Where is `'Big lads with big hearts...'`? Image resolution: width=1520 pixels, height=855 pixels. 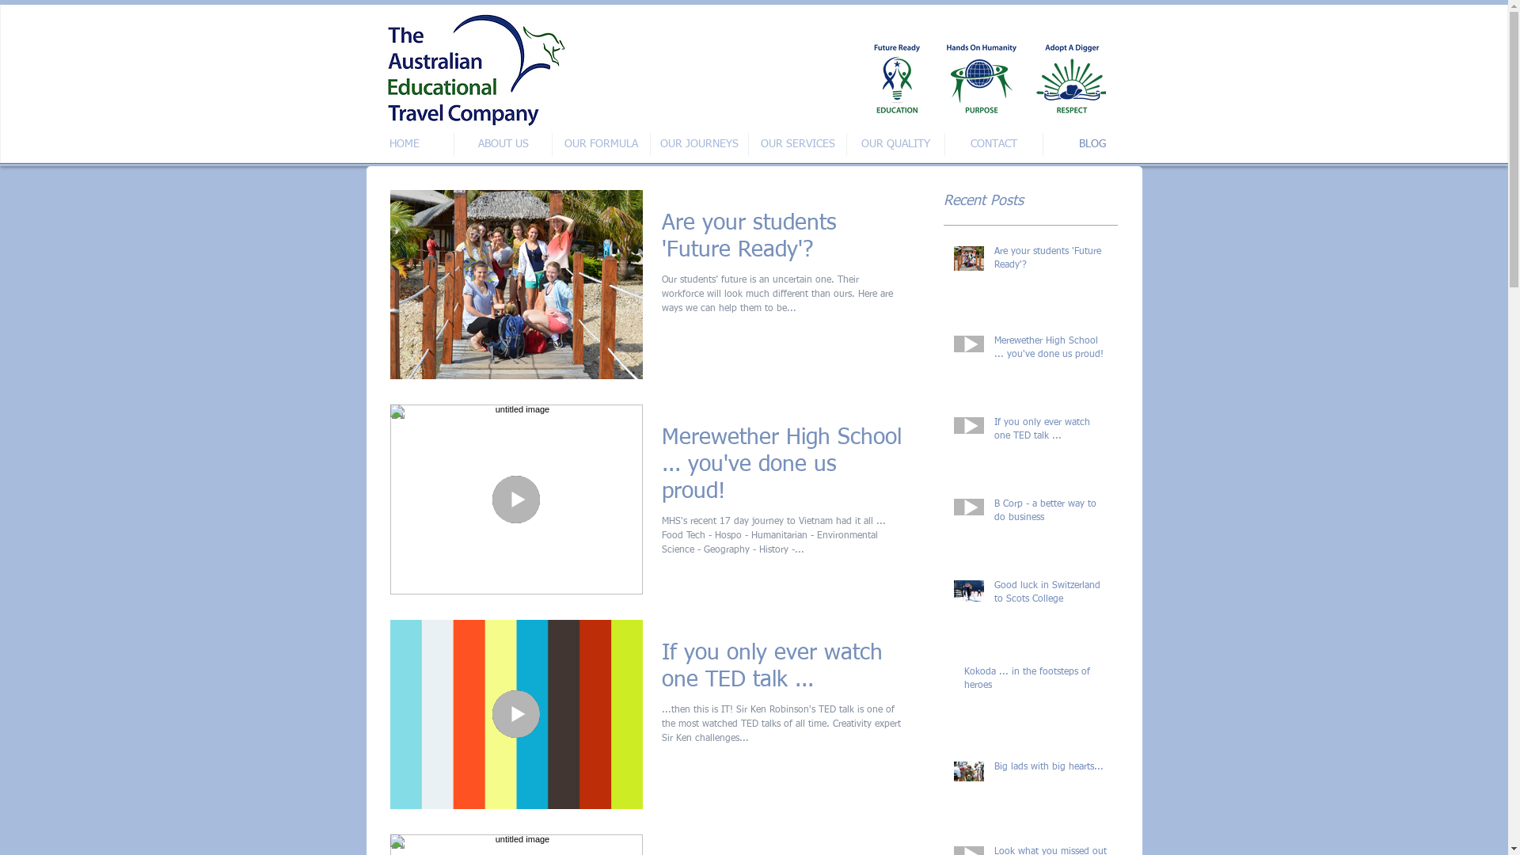 'Big lads with big hearts...' is located at coordinates (994, 769).